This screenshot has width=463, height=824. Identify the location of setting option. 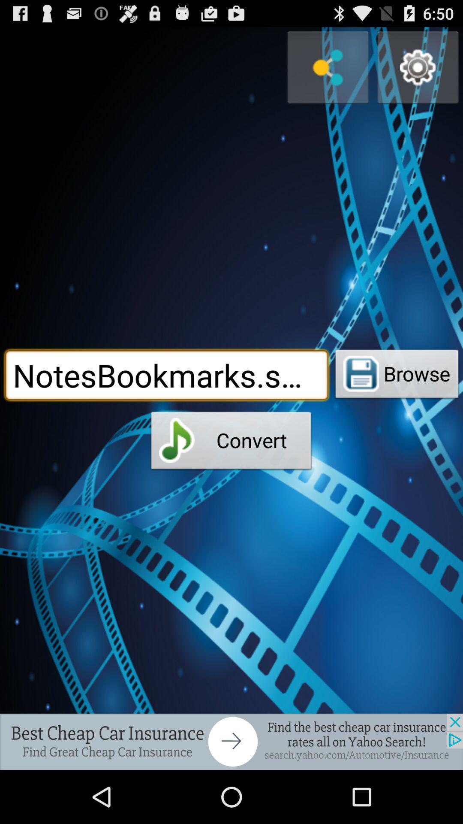
(418, 67).